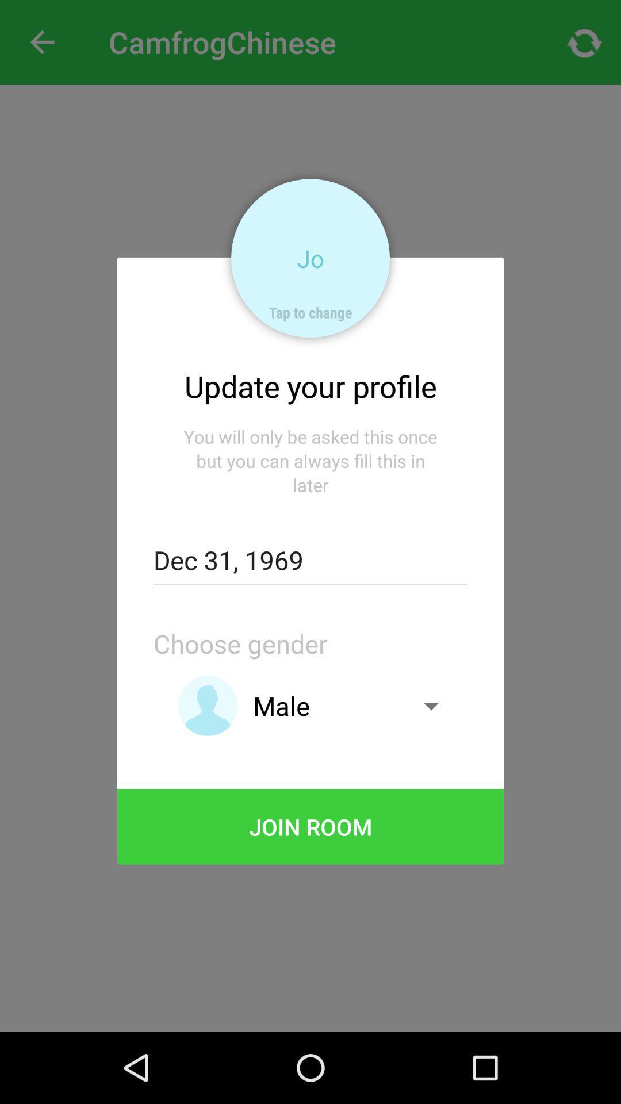 This screenshot has width=621, height=1104. Describe the element at coordinates (310, 826) in the screenshot. I see `join room item` at that location.